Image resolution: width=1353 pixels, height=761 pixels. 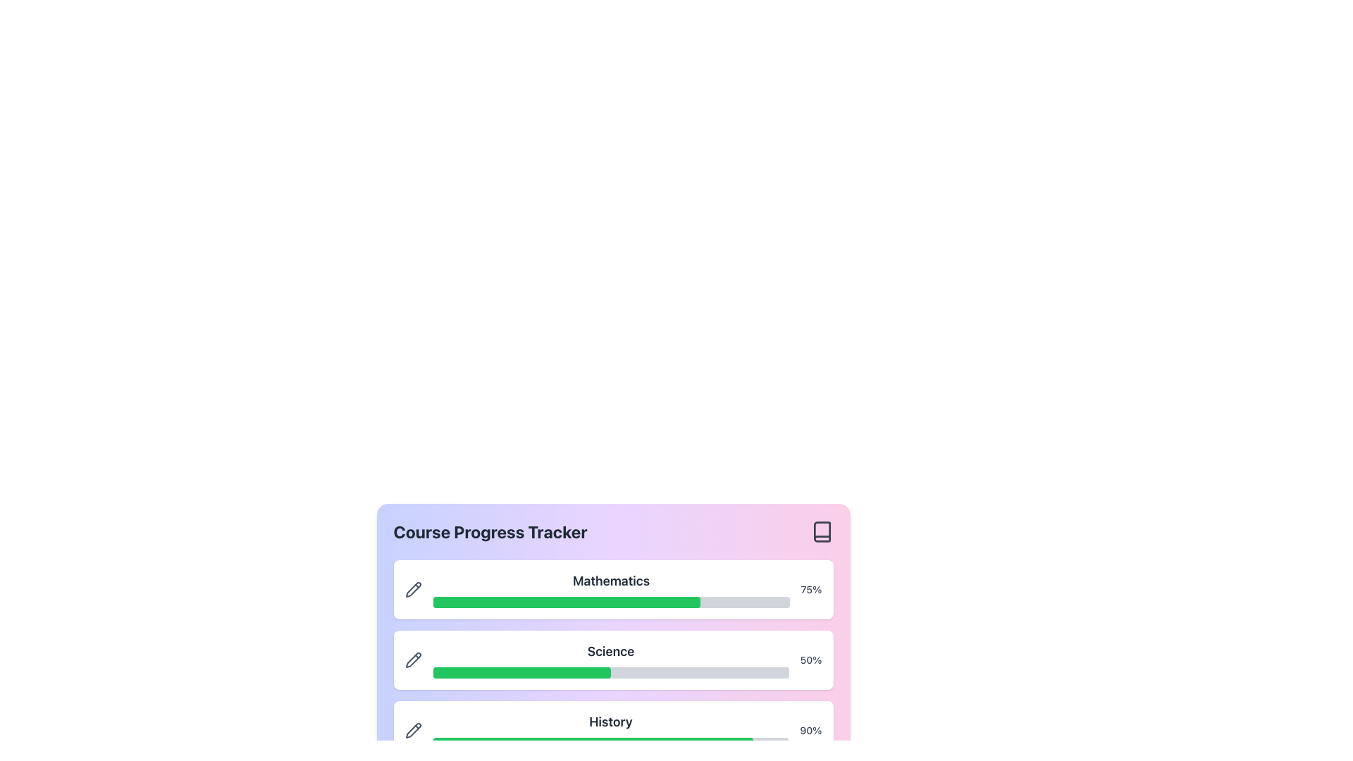 What do you see at coordinates (822, 532) in the screenshot?
I see `the icon representing courses or progress tracking located at the top-right corner of the 'Course Progress Tracker' section` at bounding box center [822, 532].